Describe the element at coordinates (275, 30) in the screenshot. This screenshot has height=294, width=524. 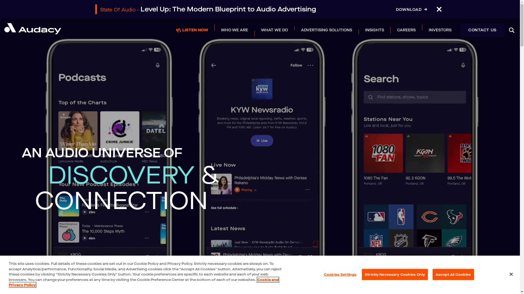
I see `'WHAT WE DO'` at that location.